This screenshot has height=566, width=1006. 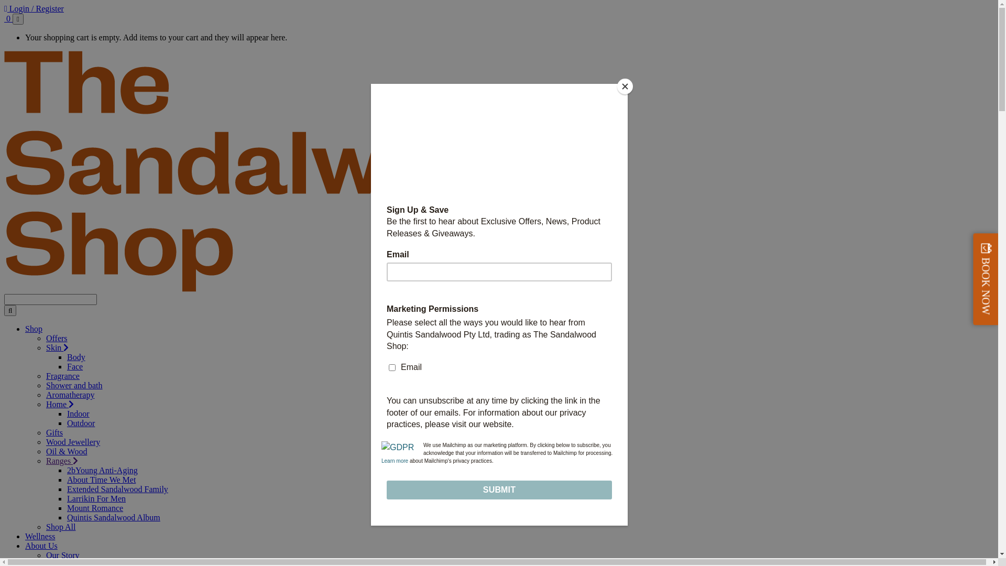 I want to click on 'Shop All', so click(x=45, y=527).